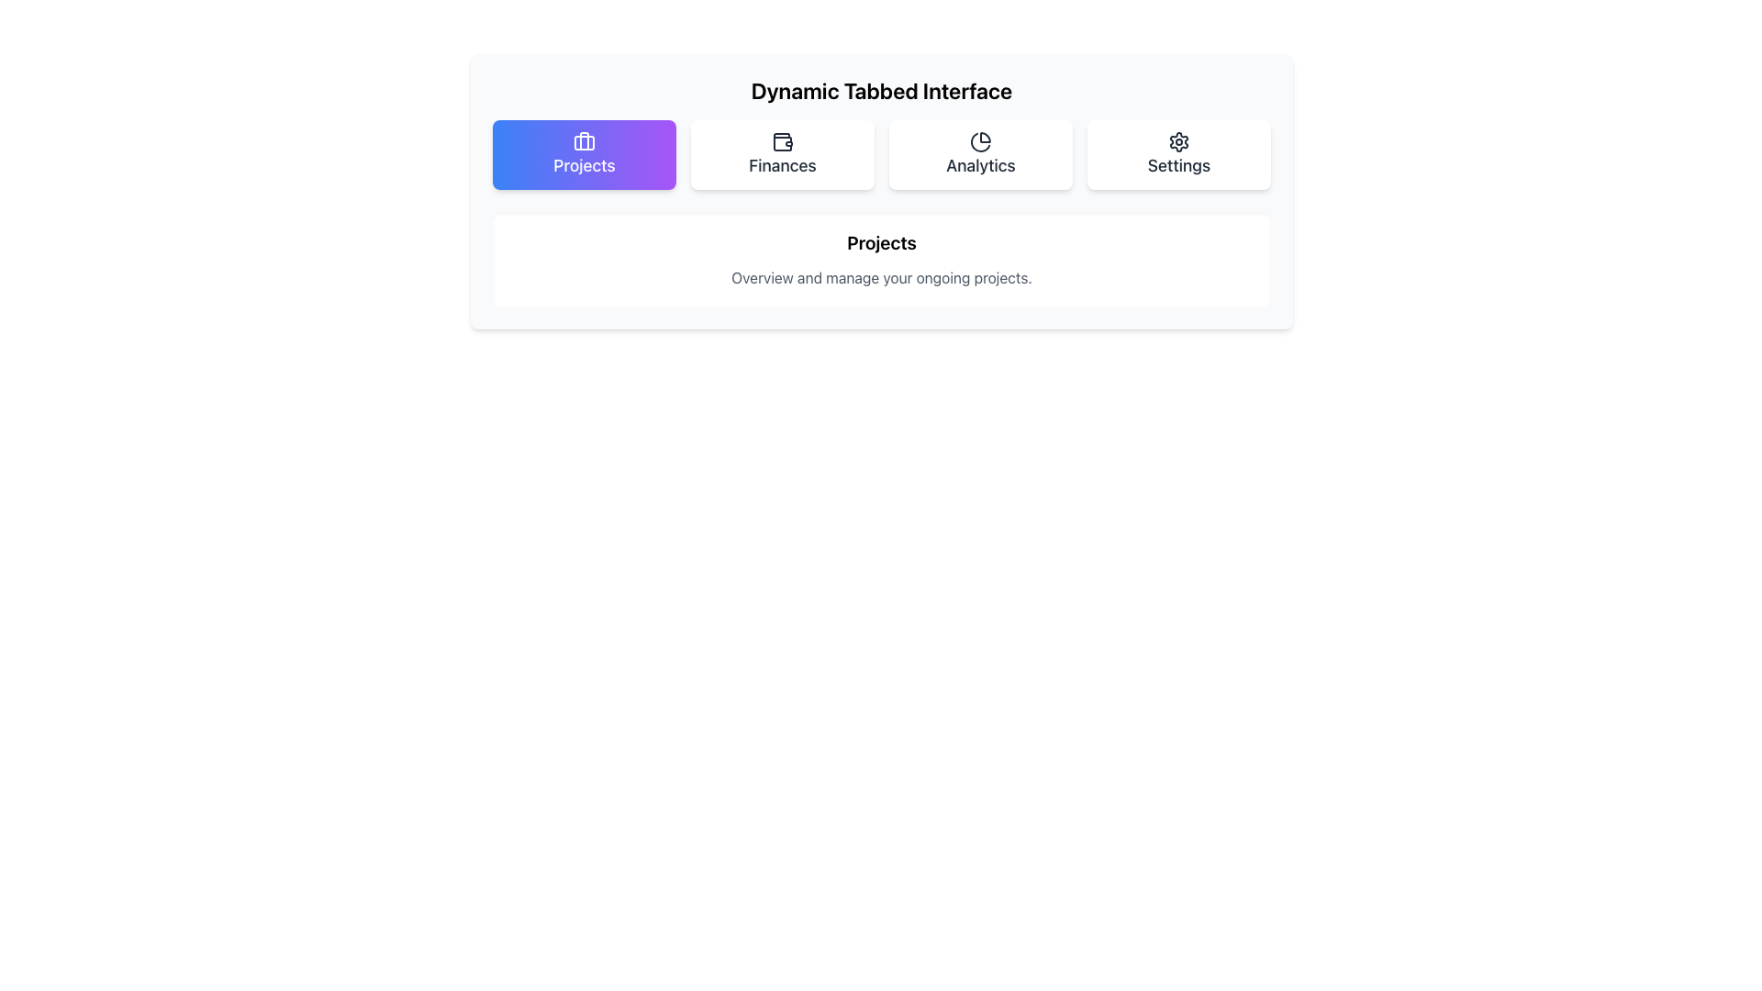 Image resolution: width=1762 pixels, height=991 pixels. I want to click on the pie chart segment of the 'Analytics' tab in the main horizontal navigation bar, so click(979, 141).